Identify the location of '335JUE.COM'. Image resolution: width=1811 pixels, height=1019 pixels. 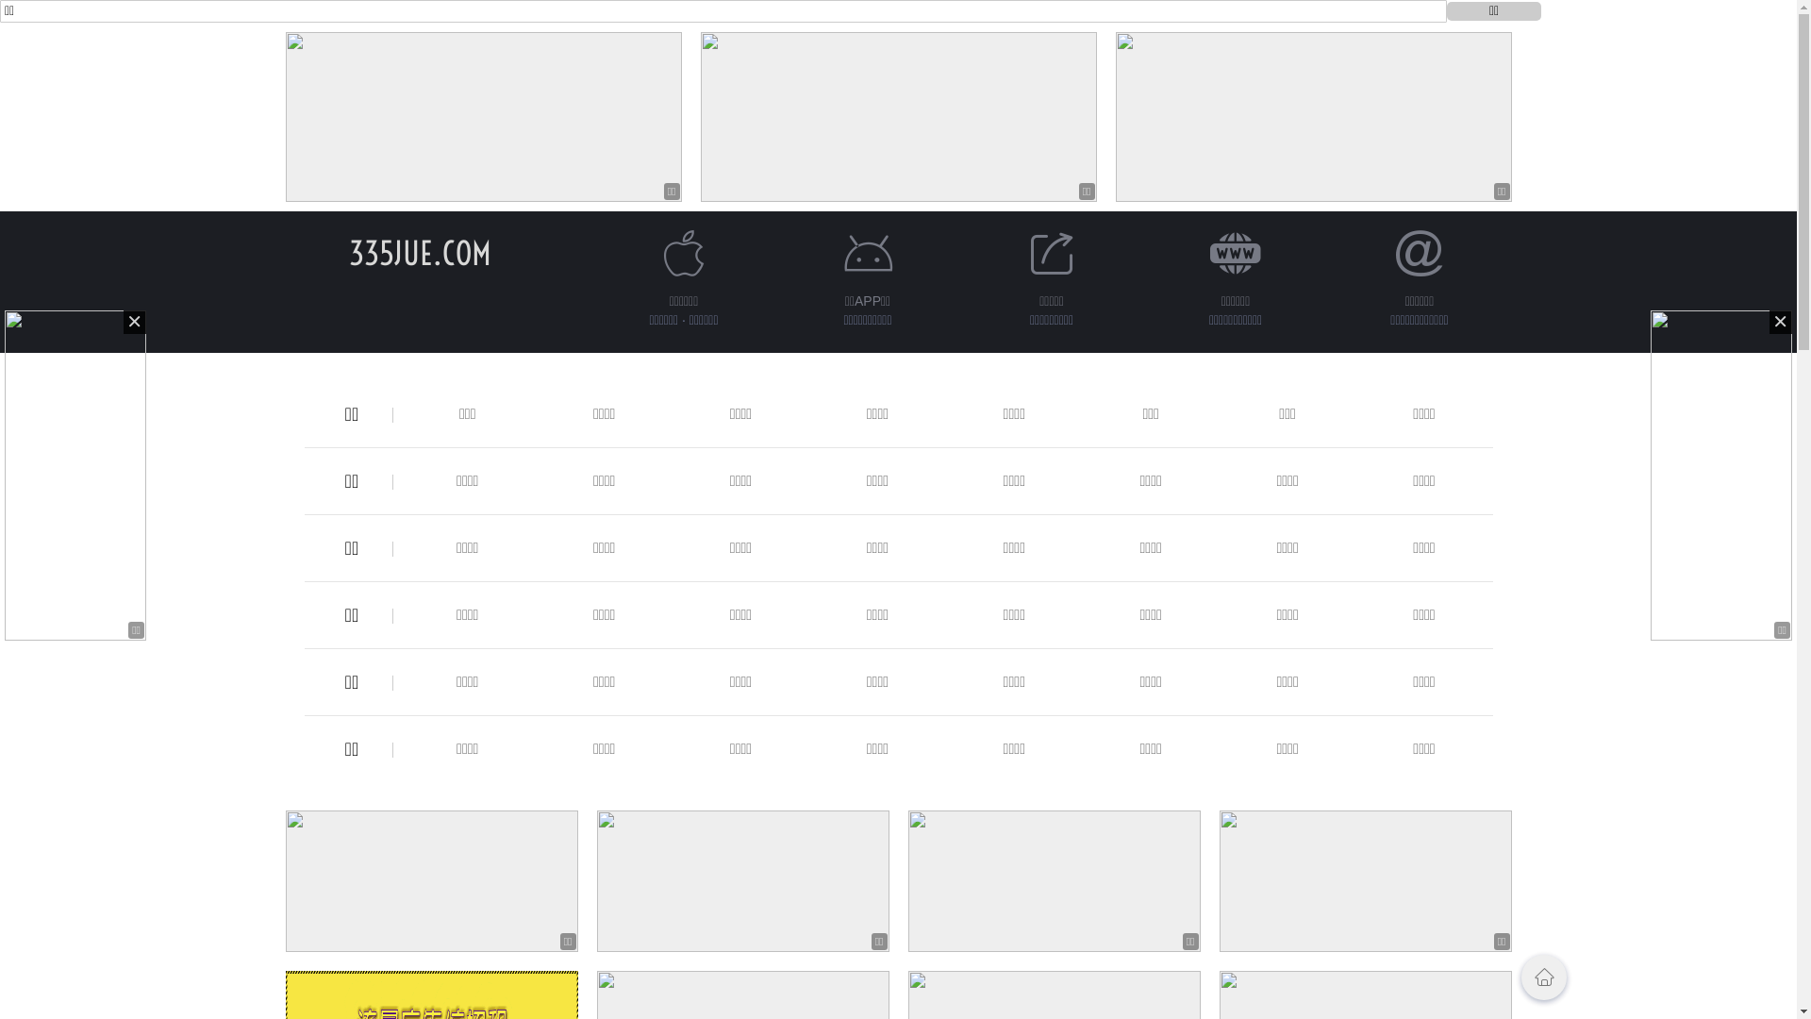
(419, 252).